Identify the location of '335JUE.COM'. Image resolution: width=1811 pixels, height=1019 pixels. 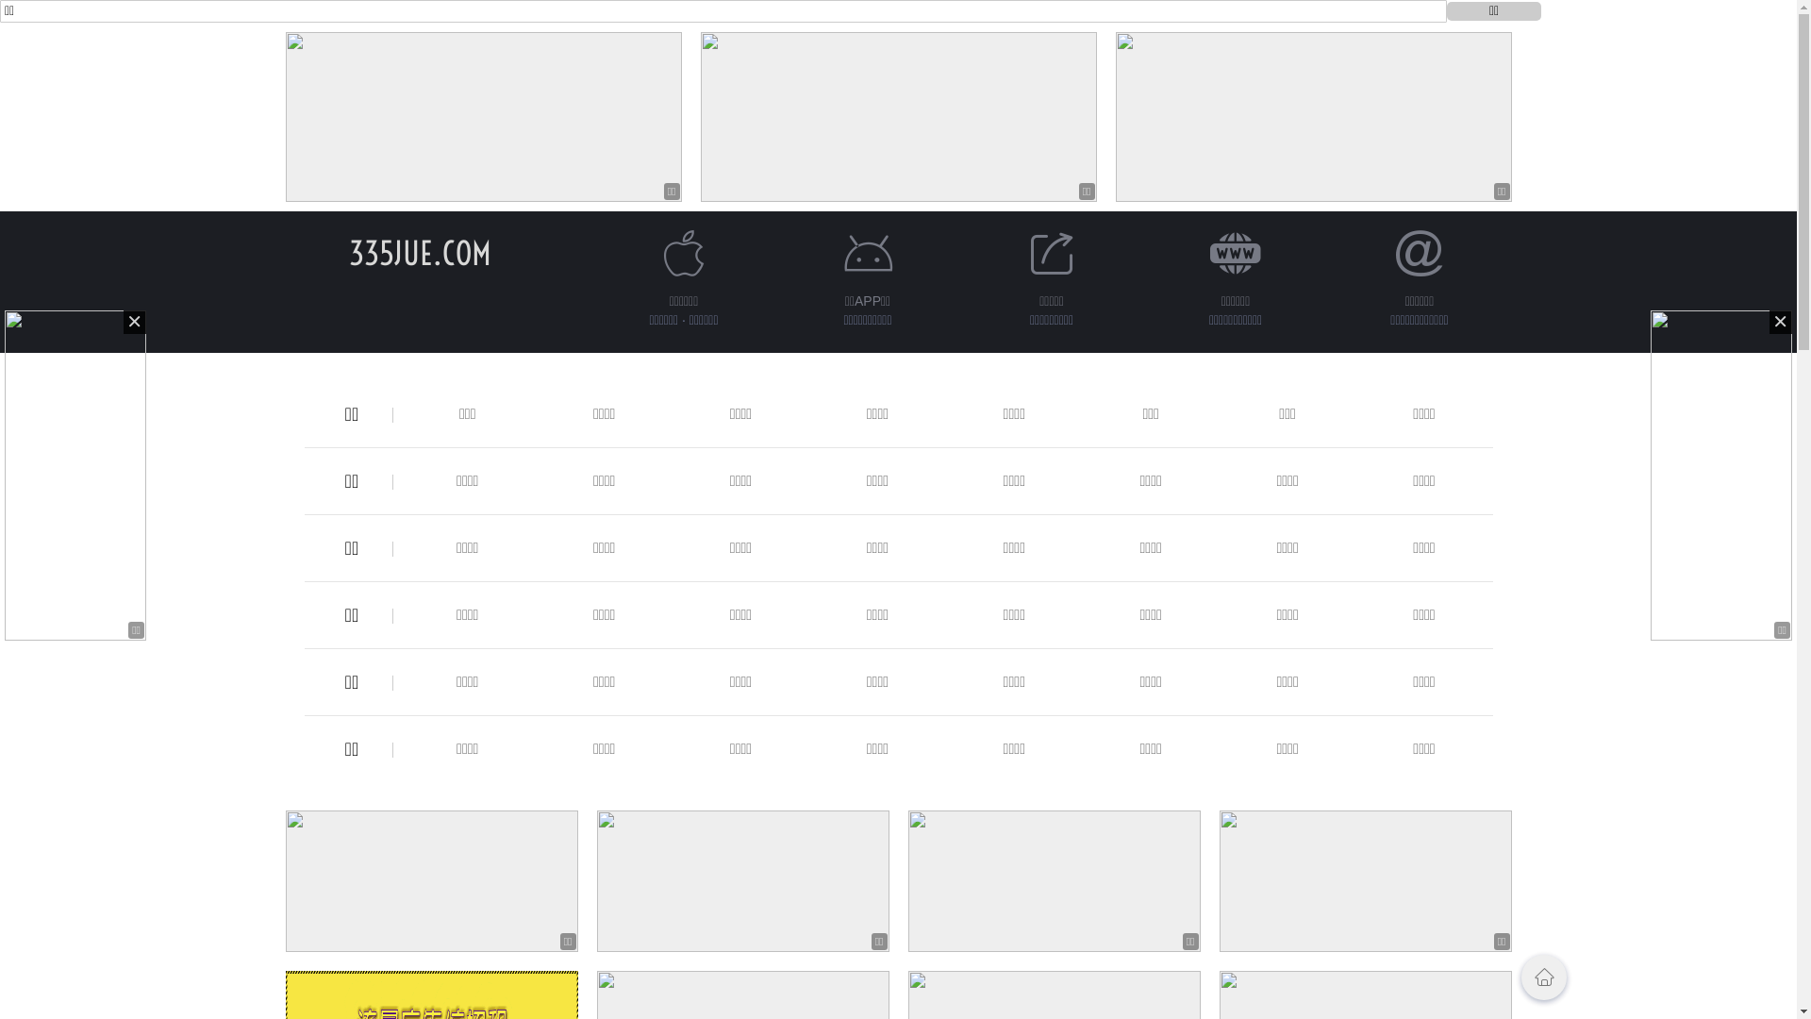
(419, 252).